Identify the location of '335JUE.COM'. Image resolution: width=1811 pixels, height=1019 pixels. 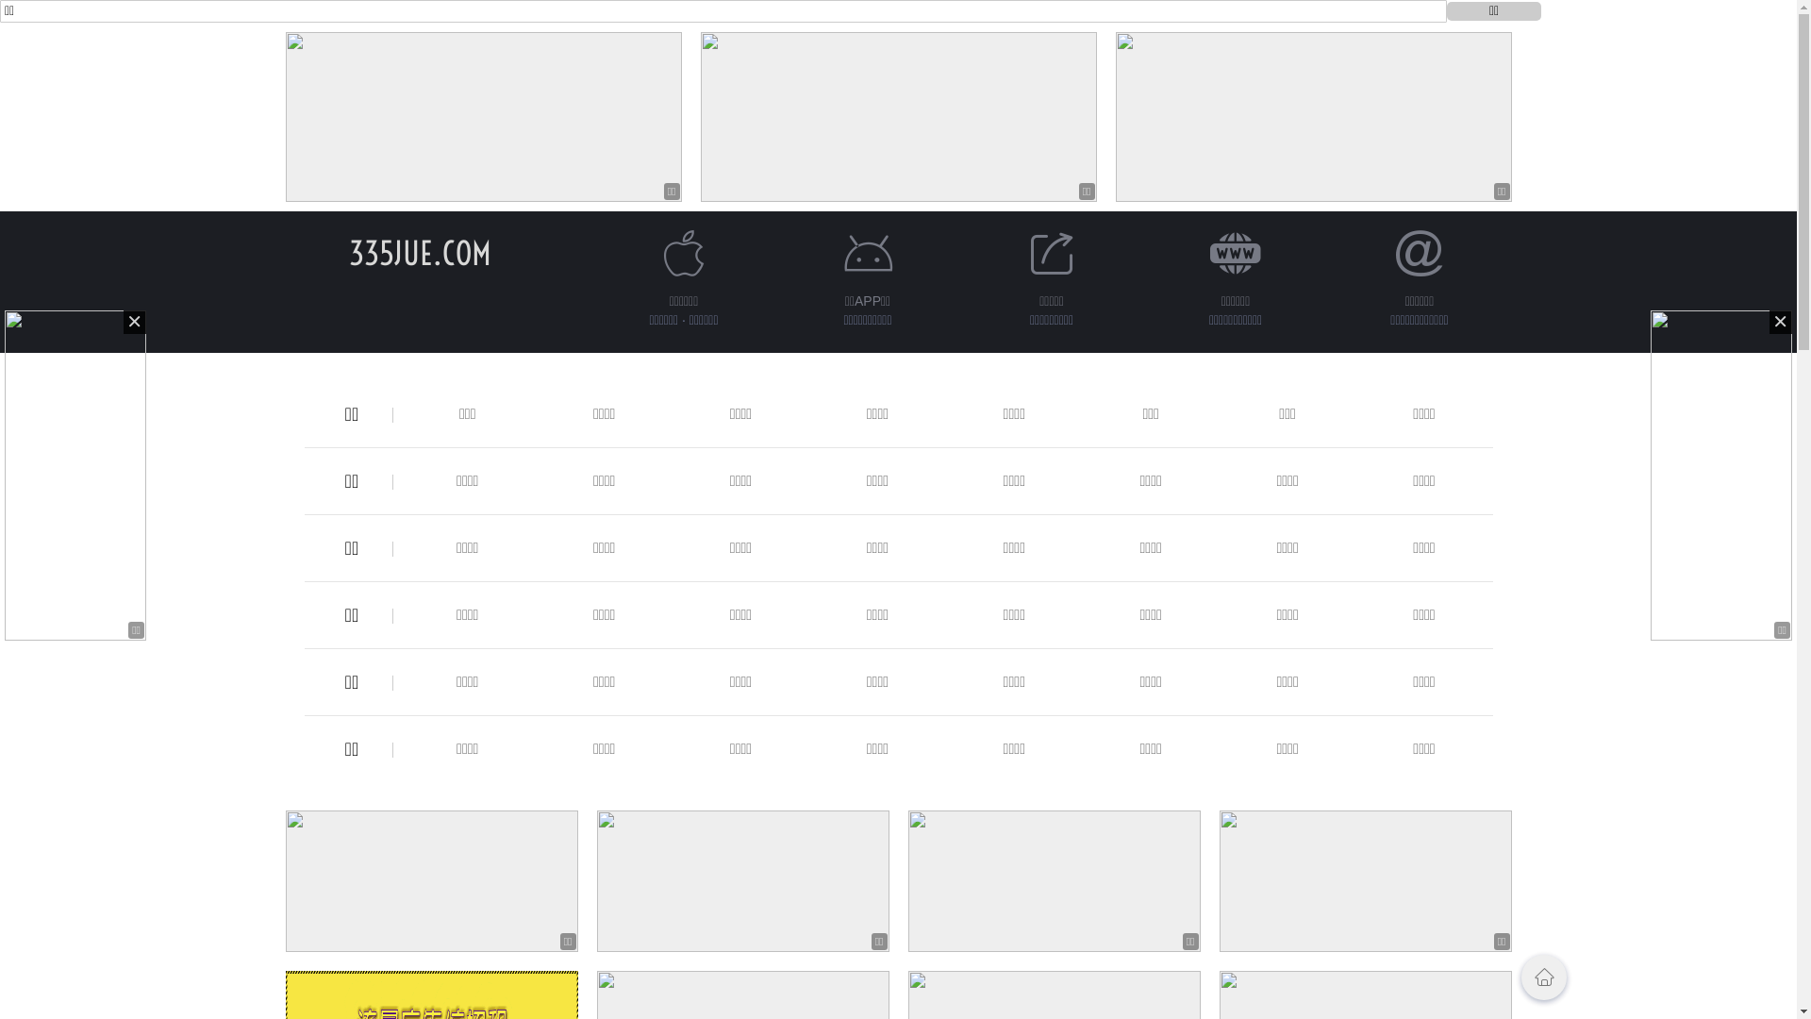
(419, 252).